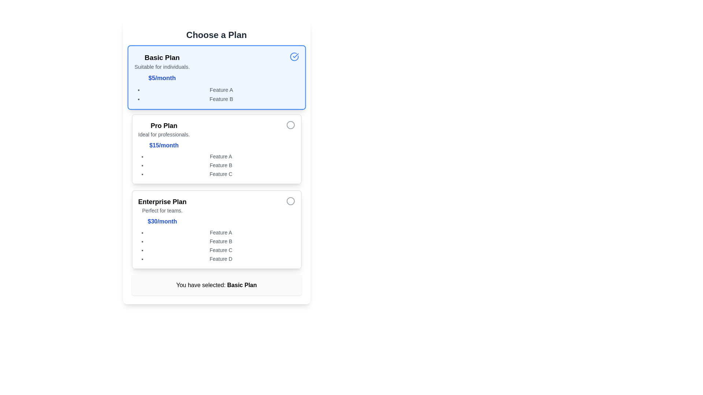 Image resolution: width=703 pixels, height=395 pixels. I want to click on the header text element displaying 'Choose a Plan', which is bold and large, positioned at the top center of the plans section, so click(216, 35).